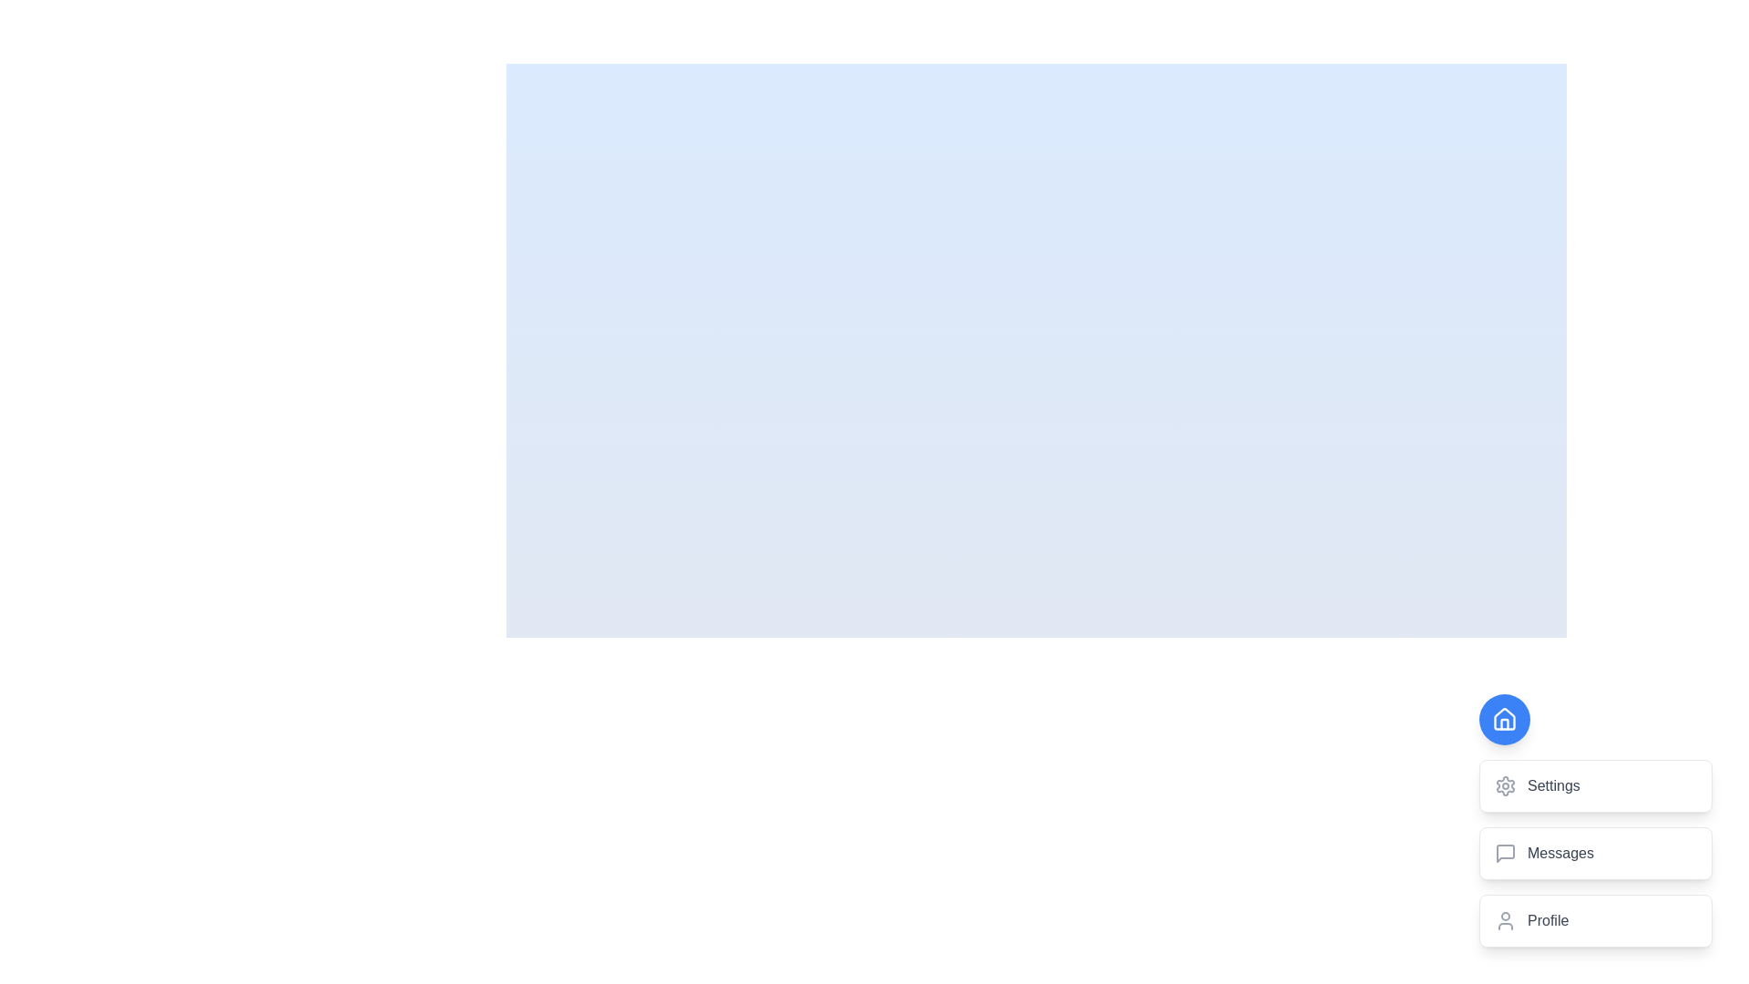  I want to click on the text label representing an option in the settings menu, so click(1552, 785).